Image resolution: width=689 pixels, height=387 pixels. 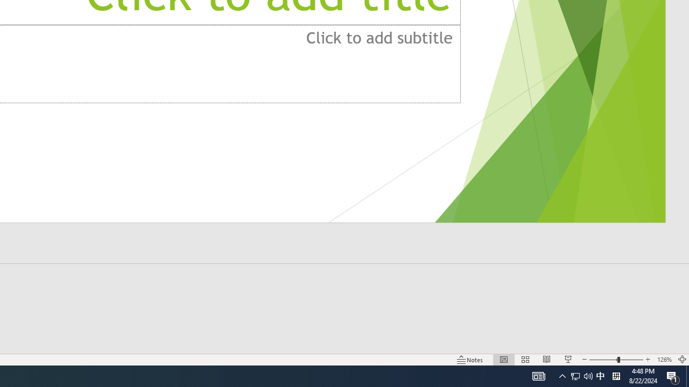 What do you see at coordinates (664, 360) in the screenshot?
I see `'Zoom 126%'` at bounding box center [664, 360].